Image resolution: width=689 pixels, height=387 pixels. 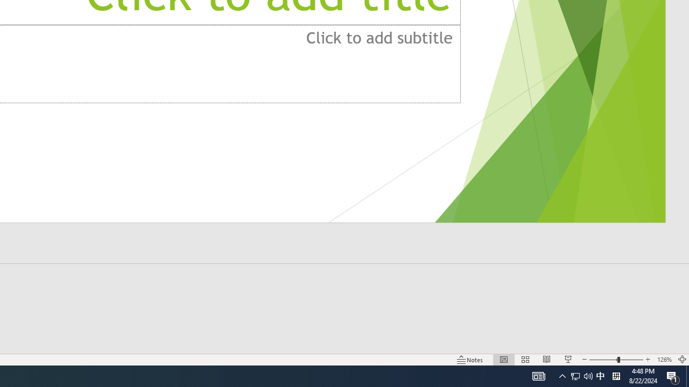 What do you see at coordinates (664, 360) in the screenshot?
I see `'Zoom 126%'` at bounding box center [664, 360].